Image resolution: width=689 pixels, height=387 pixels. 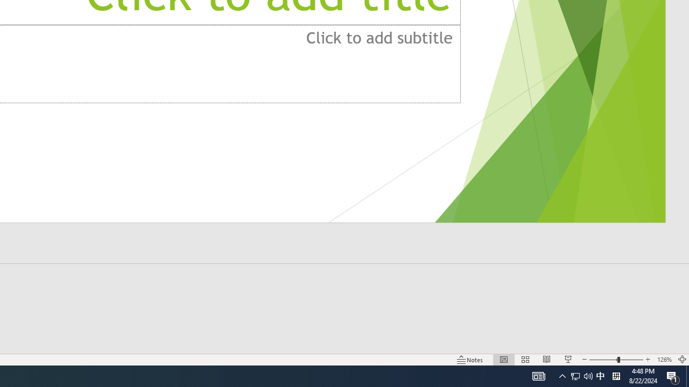 What do you see at coordinates (664, 360) in the screenshot?
I see `'Zoom 126%'` at bounding box center [664, 360].